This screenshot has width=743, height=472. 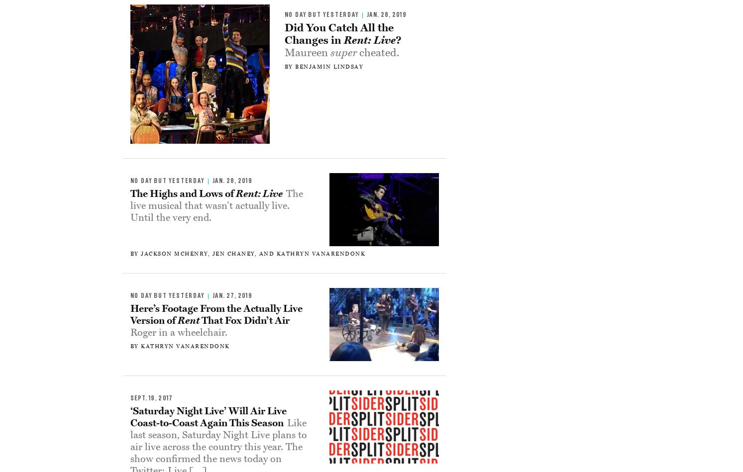 I want to click on 'Did You Catch All the Changes in', so click(x=338, y=33).